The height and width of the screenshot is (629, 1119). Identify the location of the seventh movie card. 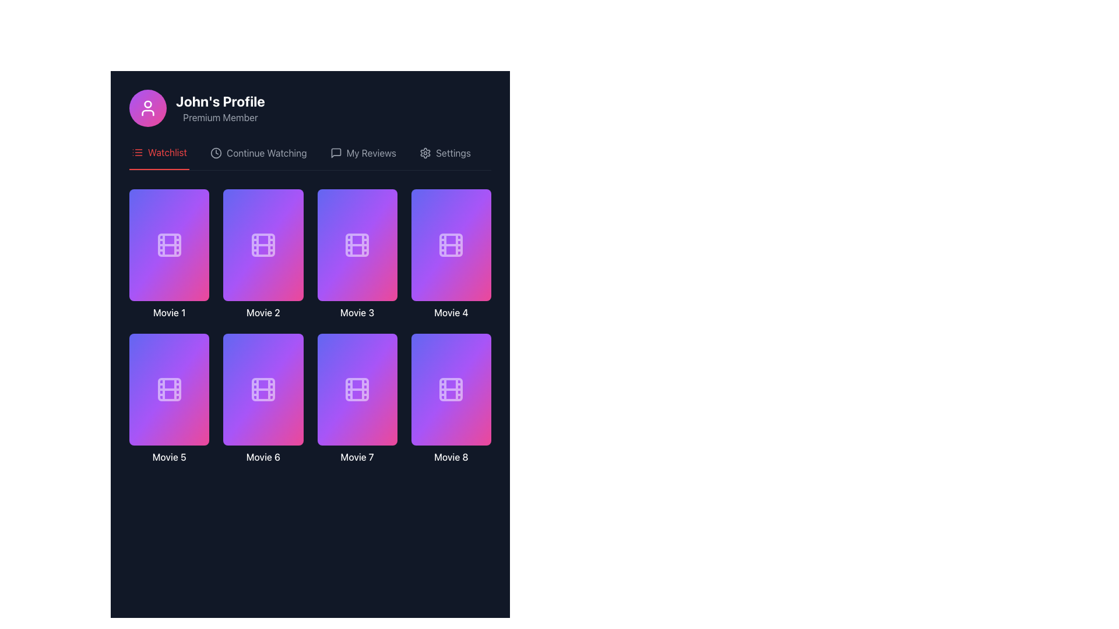
(357, 389).